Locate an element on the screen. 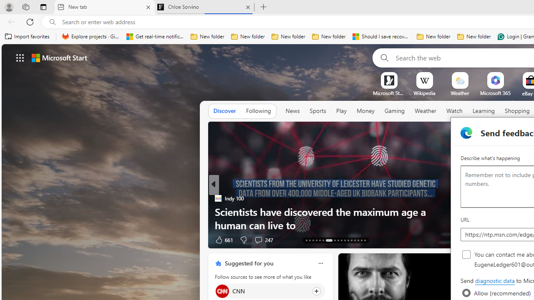  'Sports' is located at coordinates (317, 110).